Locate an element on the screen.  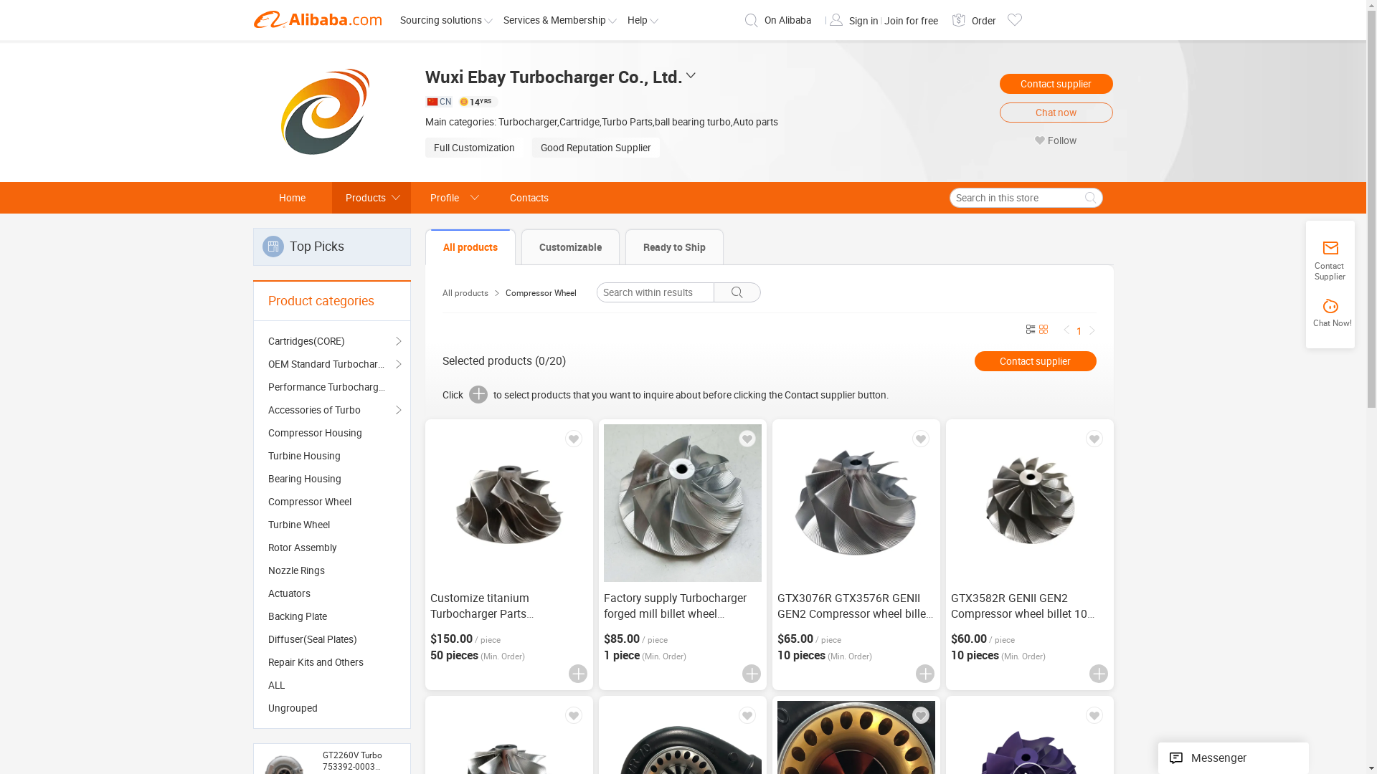
'Products' is located at coordinates (371, 198).